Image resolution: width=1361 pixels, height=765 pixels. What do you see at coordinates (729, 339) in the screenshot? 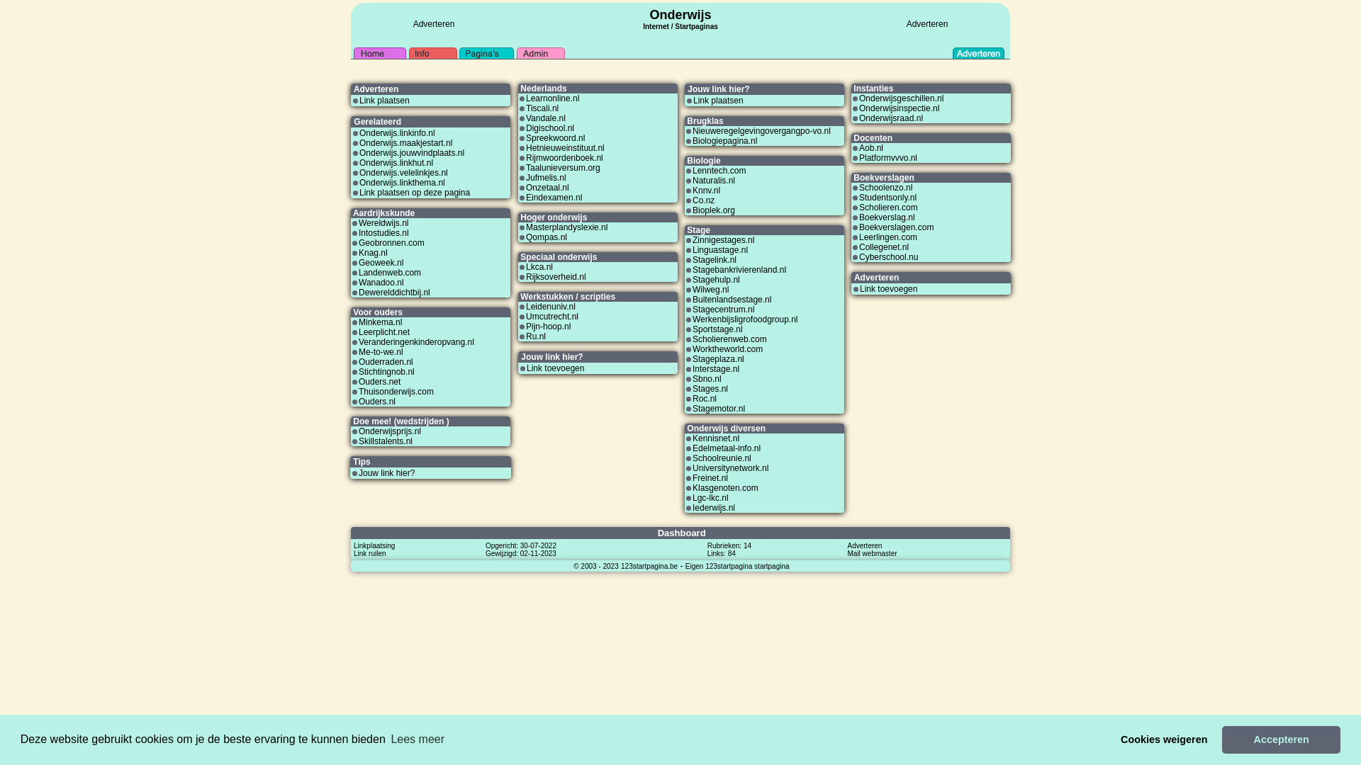
I see `'Scholierenweb.com'` at bounding box center [729, 339].